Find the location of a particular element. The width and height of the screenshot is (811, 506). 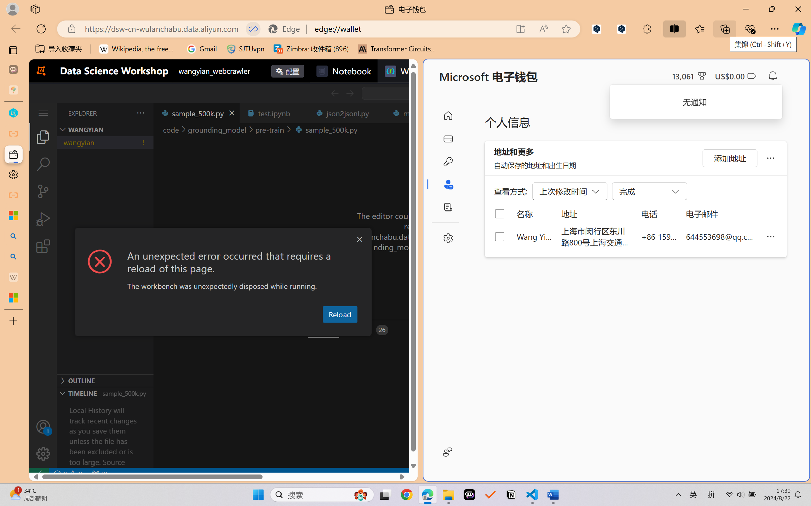

'Run and Debug (Ctrl+Shift+D)' is located at coordinates (43, 219).